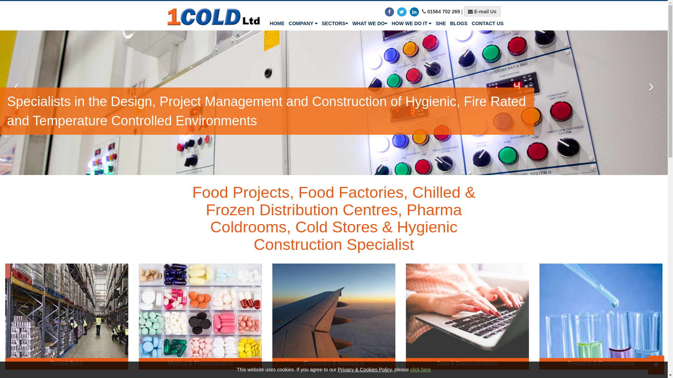 The image size is (673, 378). I want to click on 'Electronics & Aerospace', so click(333, 316).